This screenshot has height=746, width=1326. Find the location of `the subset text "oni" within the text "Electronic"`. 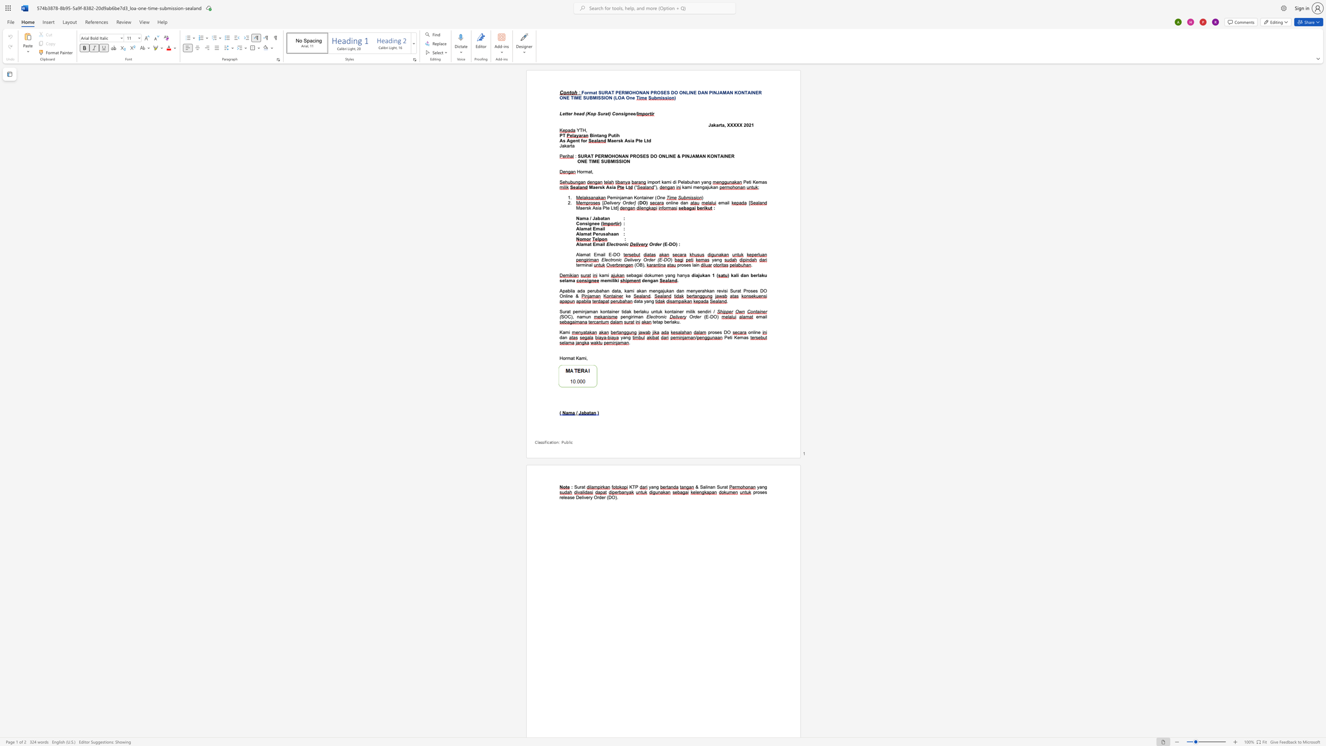

the subset text "oni" within the text "Electronic" is located at coordinates (657, 316).